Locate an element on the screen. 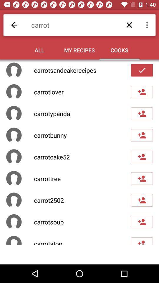 The width and height of the screenshot is (159, 283). this contact is located at coordinates (142, 241).